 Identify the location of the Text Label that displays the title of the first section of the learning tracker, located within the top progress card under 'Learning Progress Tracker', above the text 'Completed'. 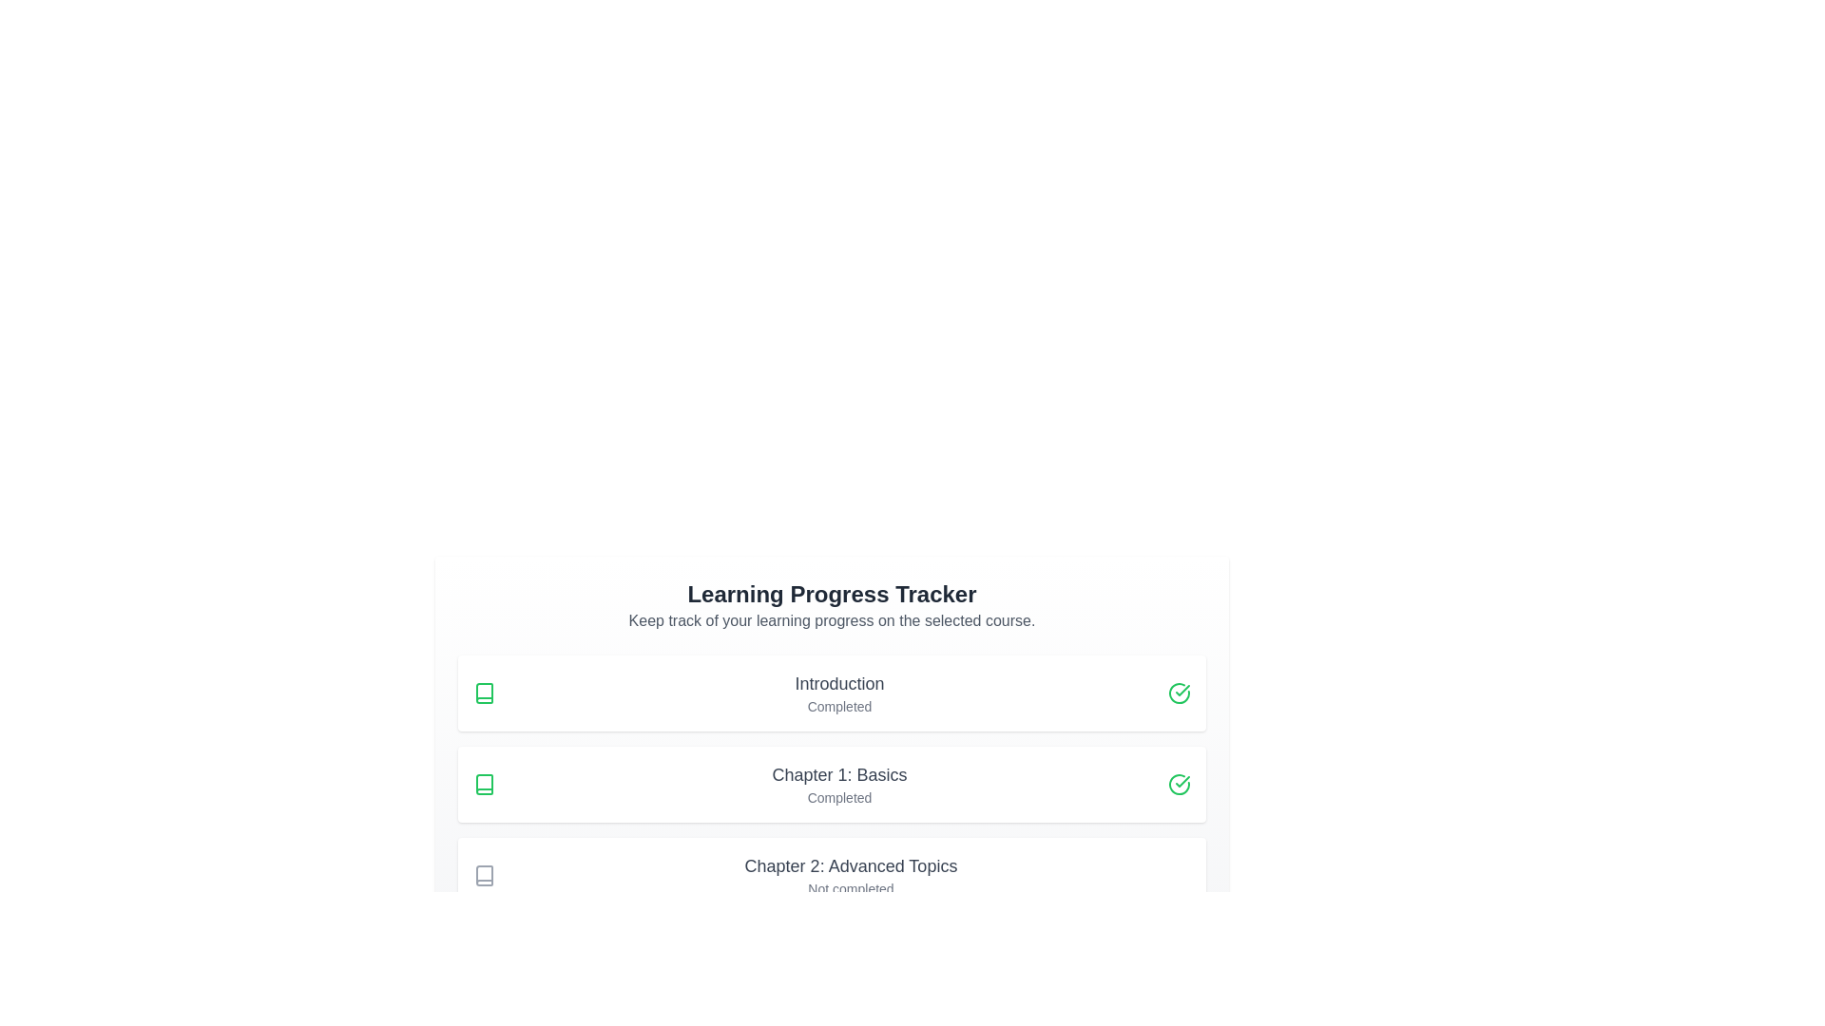
(838, 684).